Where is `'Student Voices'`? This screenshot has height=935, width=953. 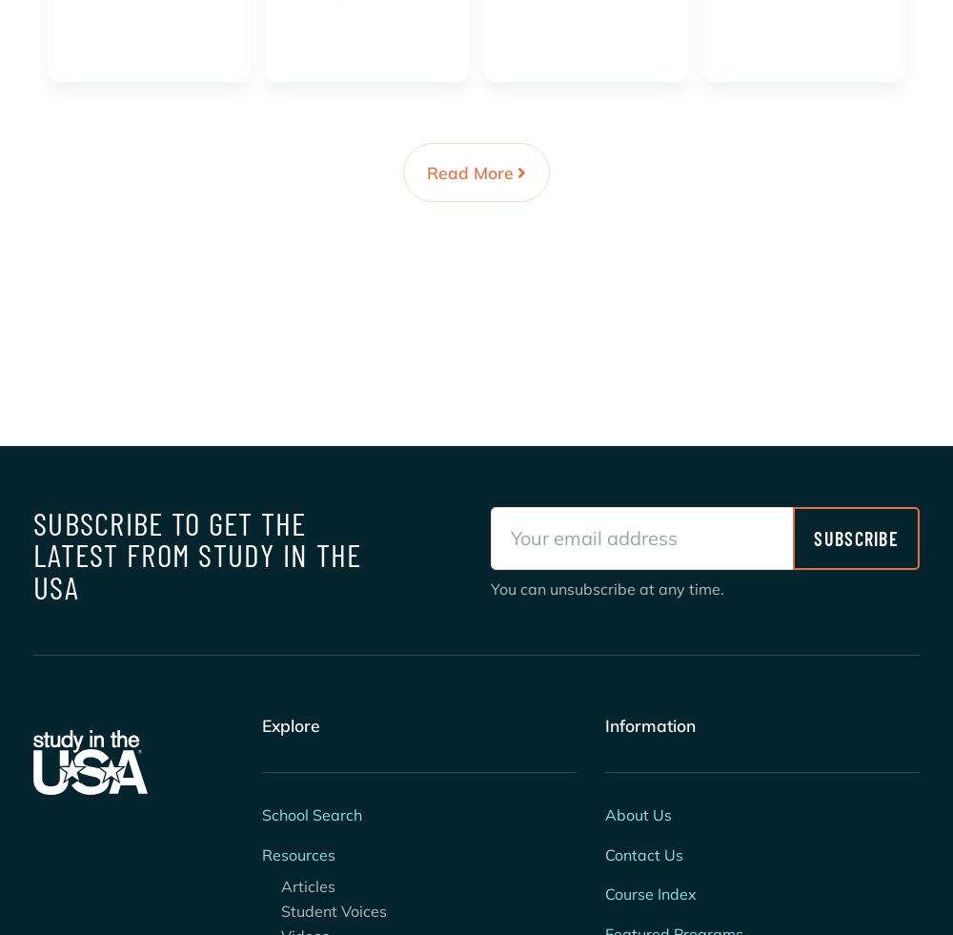
'Student Voices' is located at coordinates (323, 910).